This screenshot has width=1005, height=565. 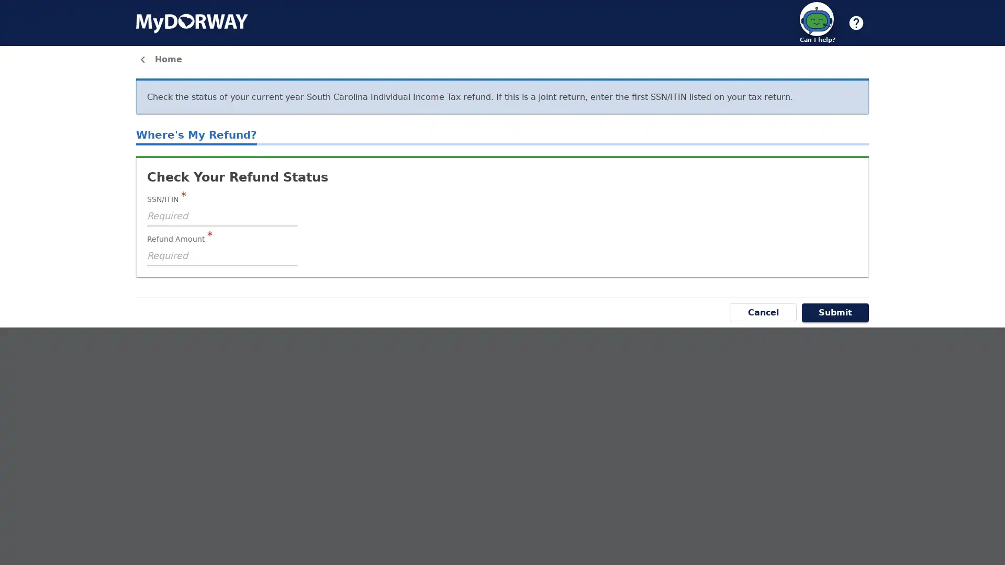 I want to click on Submit, so click(x=835, y=312).